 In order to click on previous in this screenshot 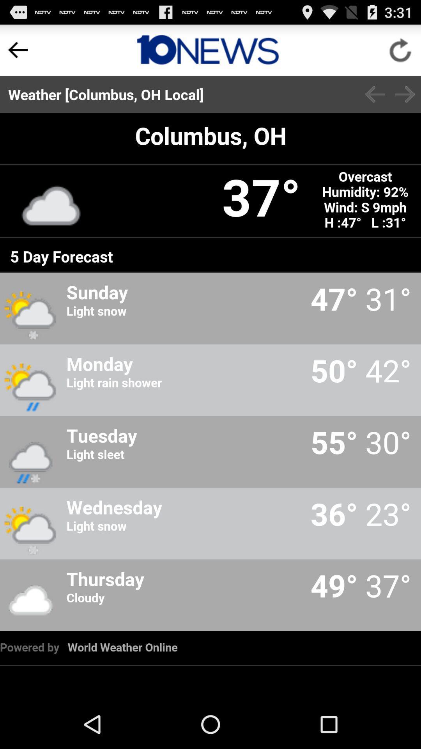, I will do `click(18, 50)`.